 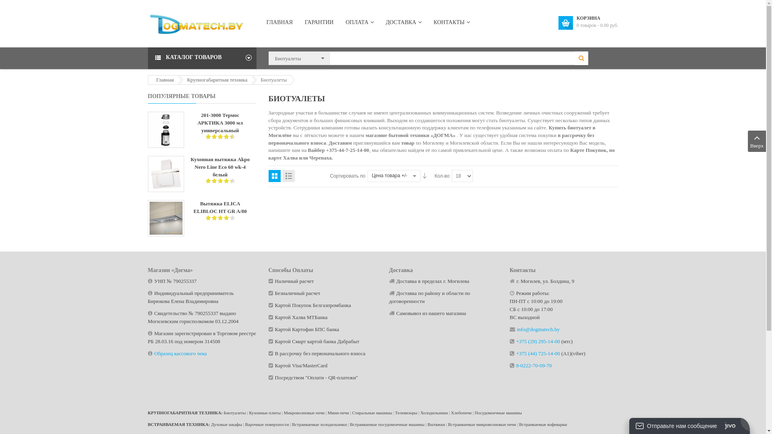 What do you see at coordinates (581, 58) in the screenshot?
I see `'Search'` at bounding box center [581, 58].